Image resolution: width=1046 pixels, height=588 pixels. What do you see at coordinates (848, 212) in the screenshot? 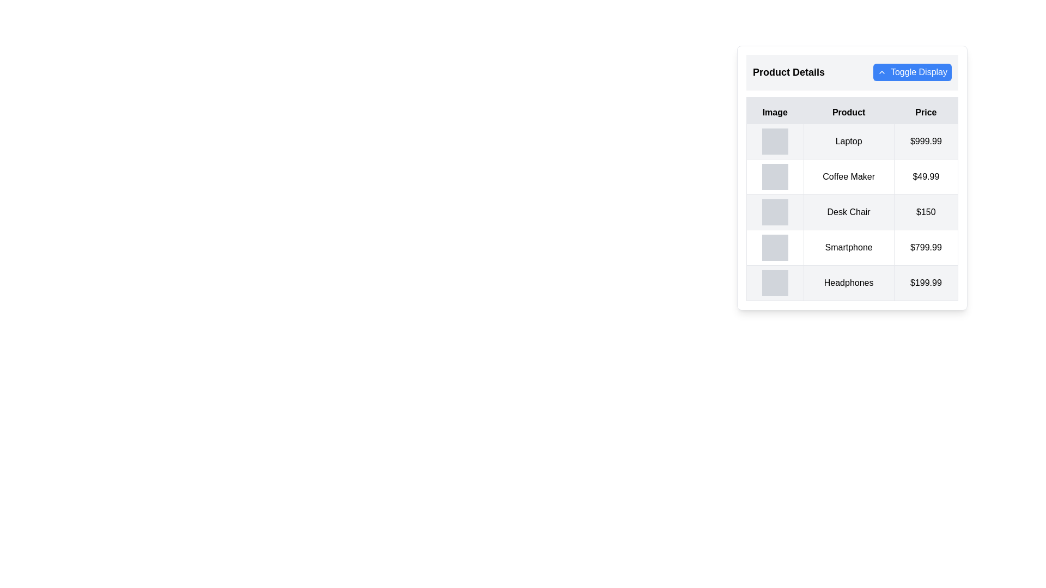
I see `the product name text display located in the third row of the table under the 'Product' column in the e-commerce interface` at bounding box center [848, 212].